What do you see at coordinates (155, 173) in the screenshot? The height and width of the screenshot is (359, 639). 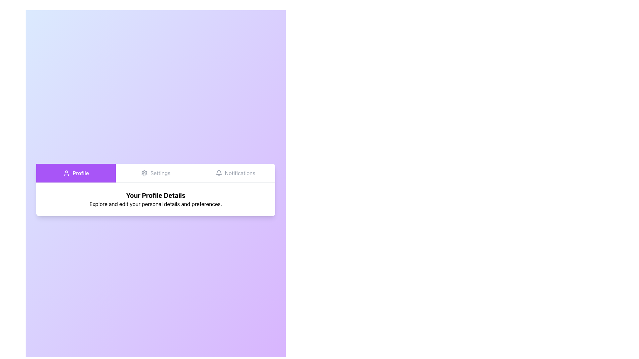 I see `the 'Settings' button, which is a combined text and icon button displaying a gear icon and the text 'Settings', styled in light gray and centrally positioned among navigation items` at bounding box center [155, 173].